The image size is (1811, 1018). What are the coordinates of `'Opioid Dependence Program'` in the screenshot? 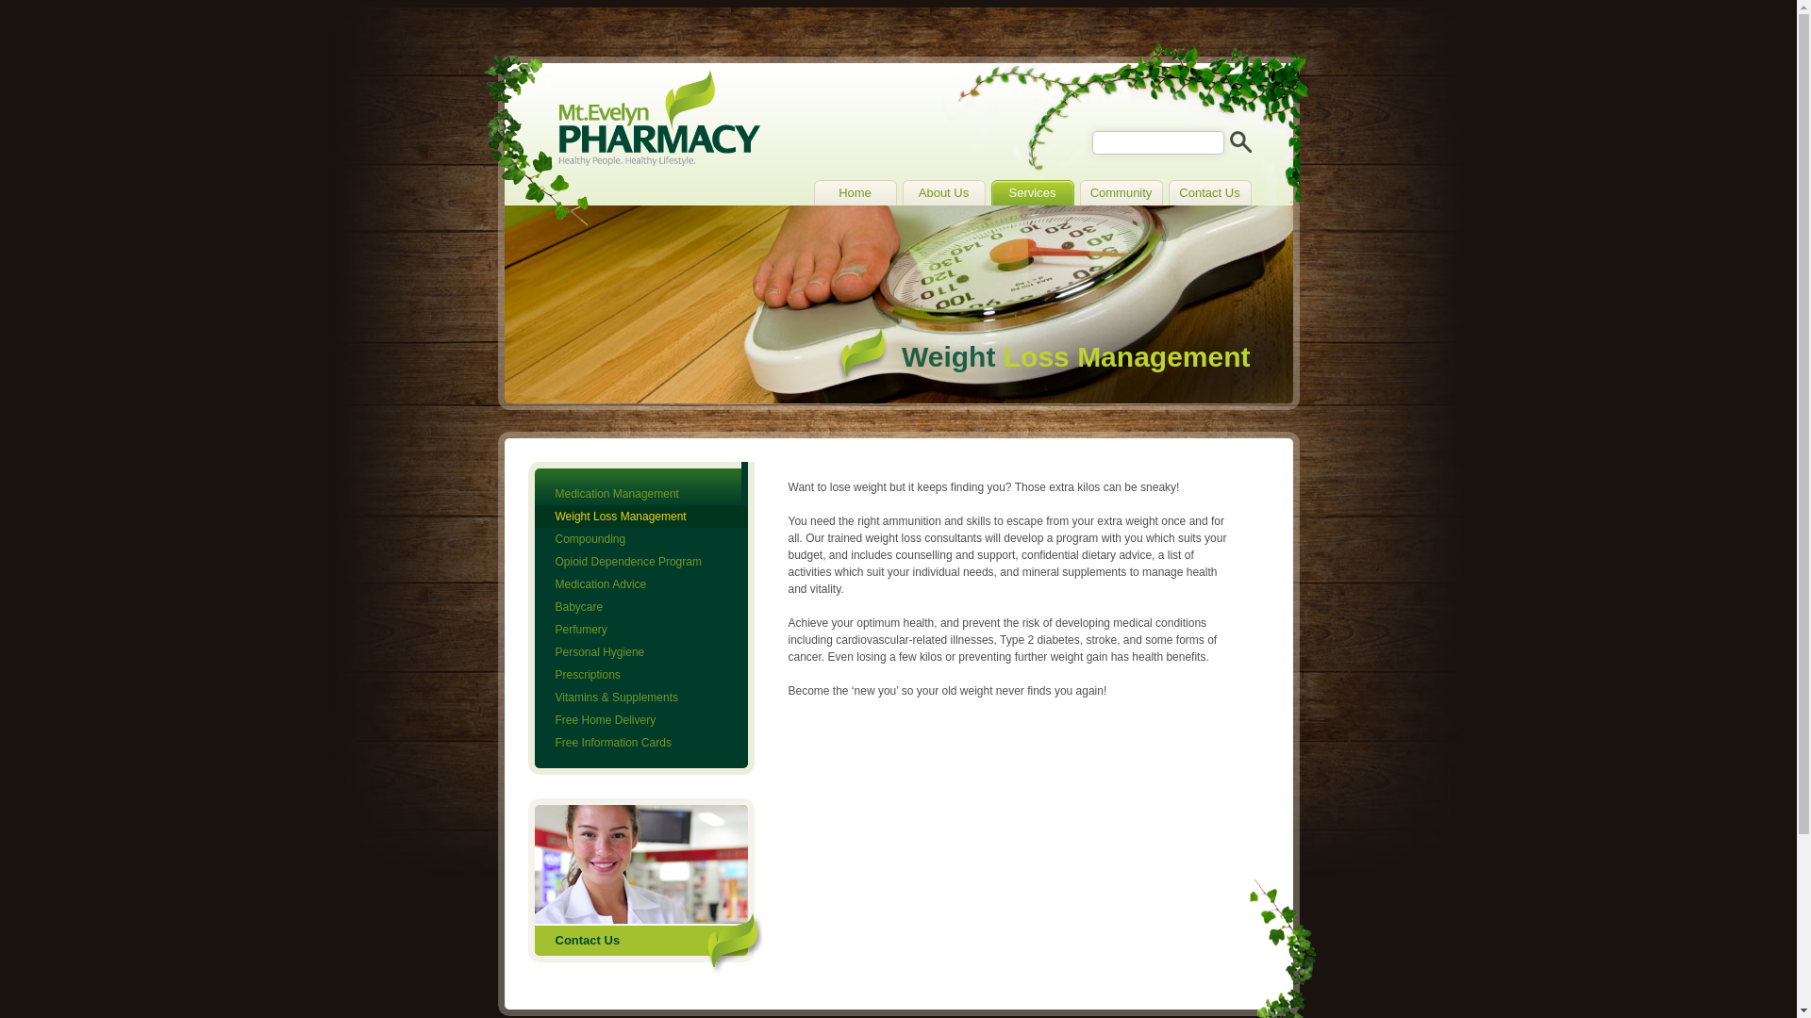 It's located at (640, 561).